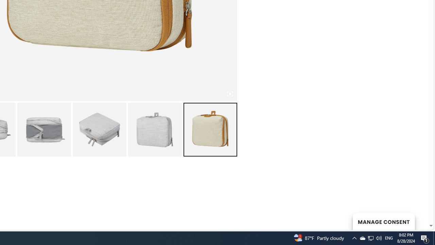 Image resolution: width=435 pixels, height=245 pixels. I want to click on 'MANAGE CONSENT', so click(383, 221).